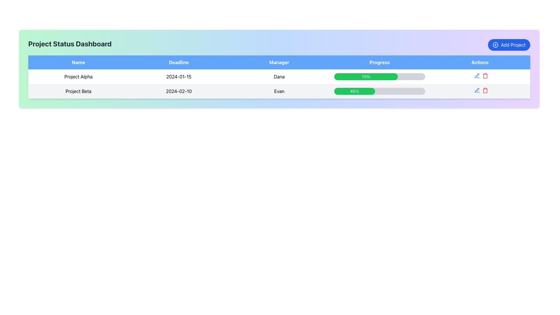 This screenshot has height=315, width=560. Describe the element at coordinates (485, 90) in the screenshot. I see `the red-colored trash bin icon in the 'Actions' column of the second table row` at that location.